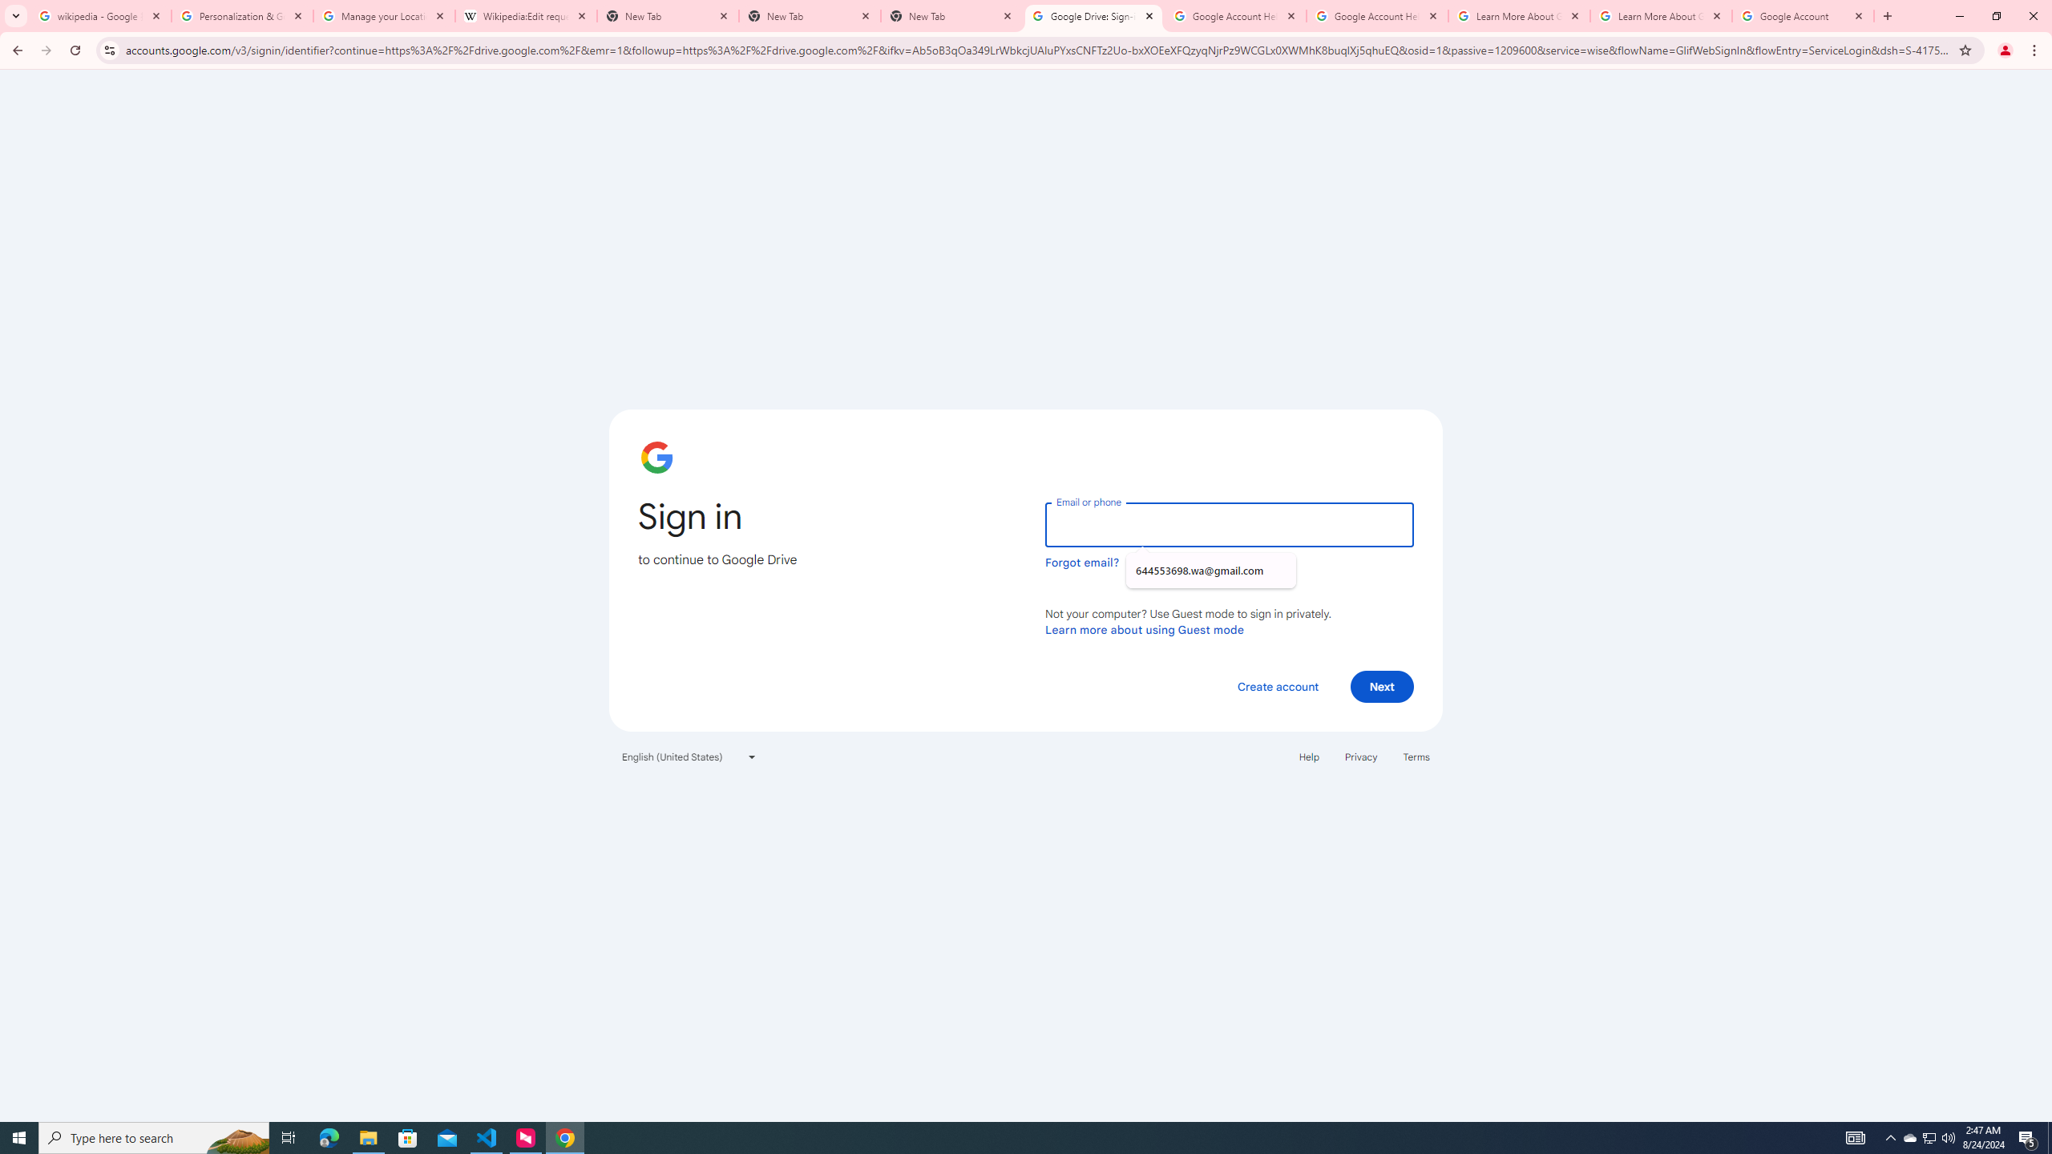  Describe the element at coordinates (1093, 15) in the screenshot. I see `'Google Drive: Sign-in'` at that location.